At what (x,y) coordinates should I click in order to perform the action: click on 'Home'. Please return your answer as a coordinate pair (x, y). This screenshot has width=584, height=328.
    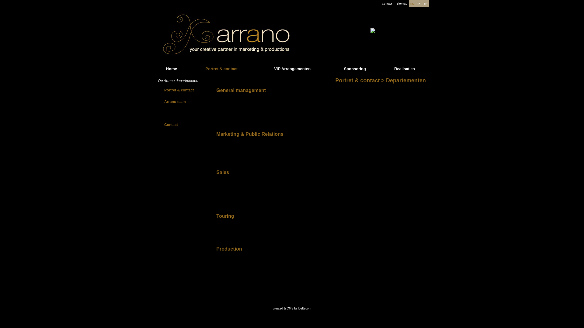
    Looking at the image, I should click on (171, 68).